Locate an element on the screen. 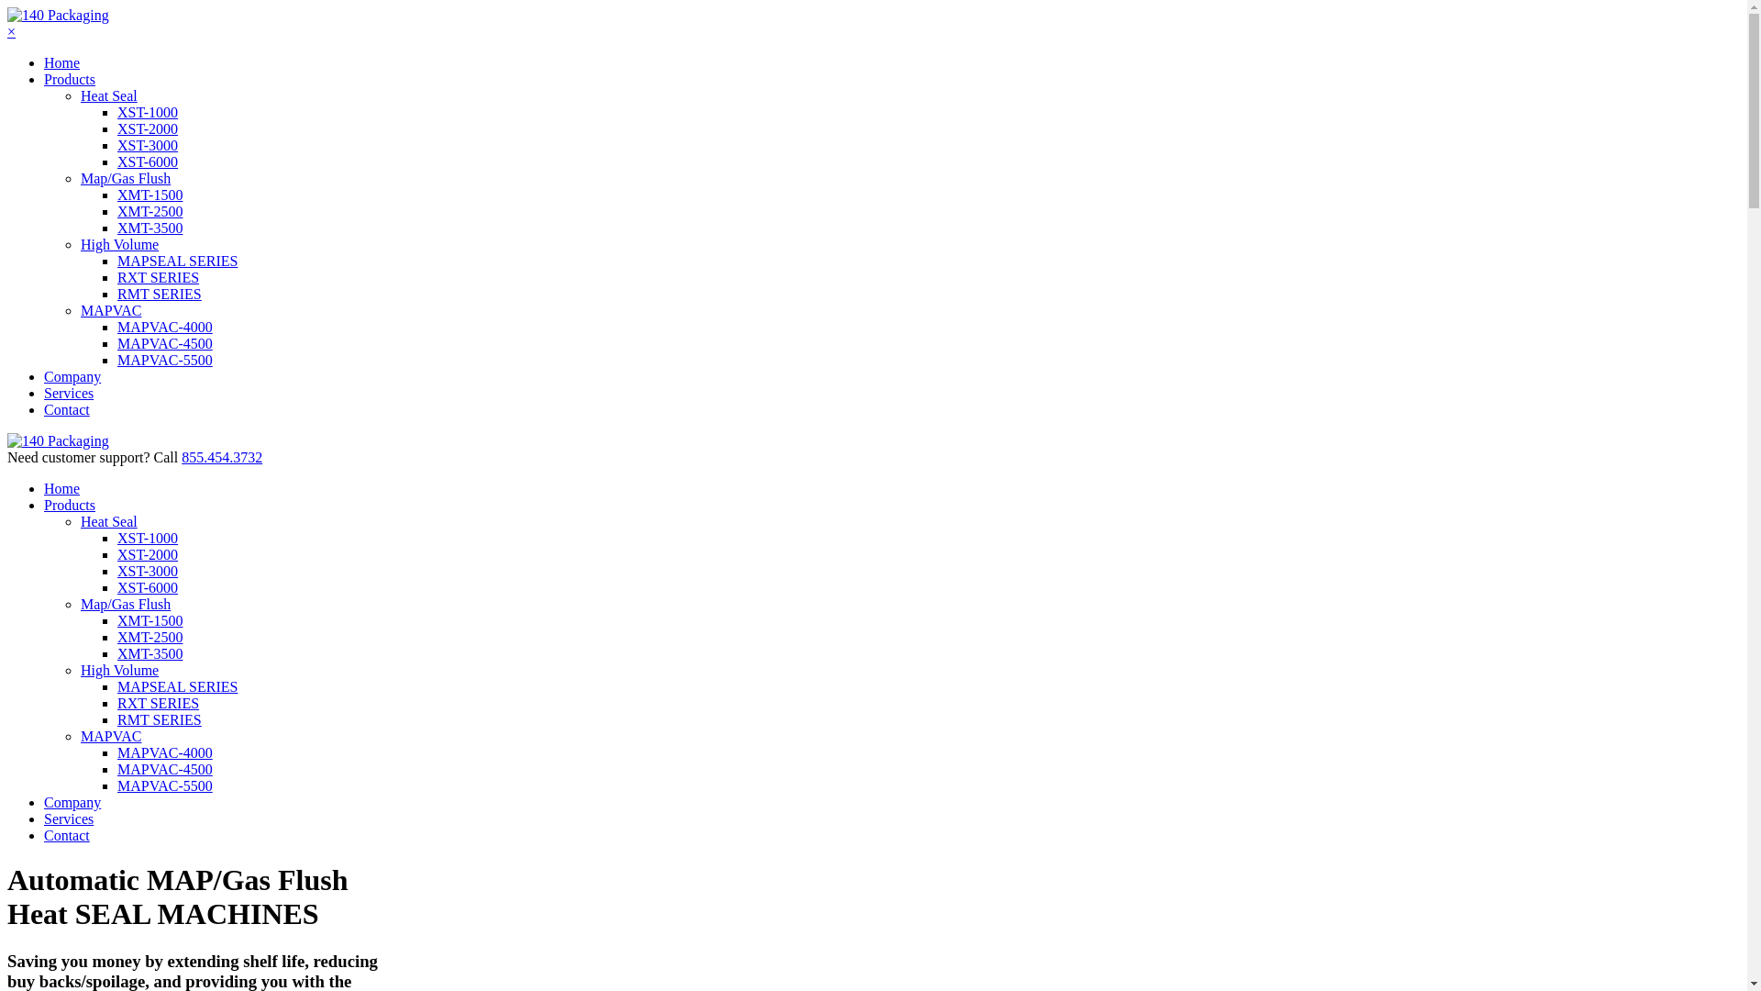 The width and height of the screenshot is (1761, 991). 'XMT-2500' is located at coordinates (150, 210).